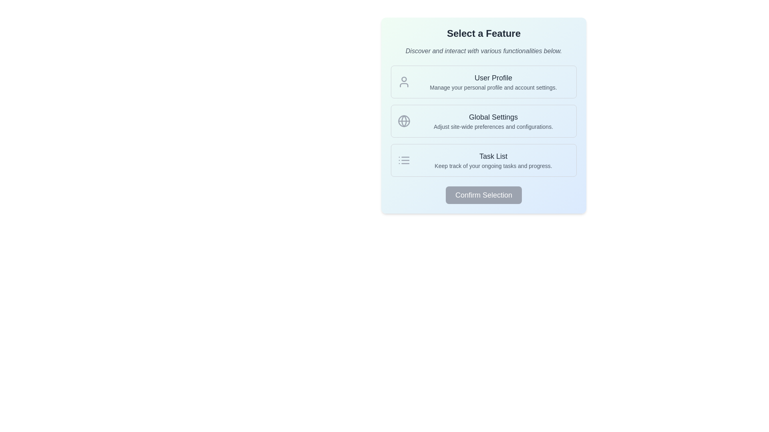  I want to click on the gray globe icon representing 'Global Settings', which is circular with horizontal and vertical lines, located to the left of the 'Global Settings' label, so click(404, 121).